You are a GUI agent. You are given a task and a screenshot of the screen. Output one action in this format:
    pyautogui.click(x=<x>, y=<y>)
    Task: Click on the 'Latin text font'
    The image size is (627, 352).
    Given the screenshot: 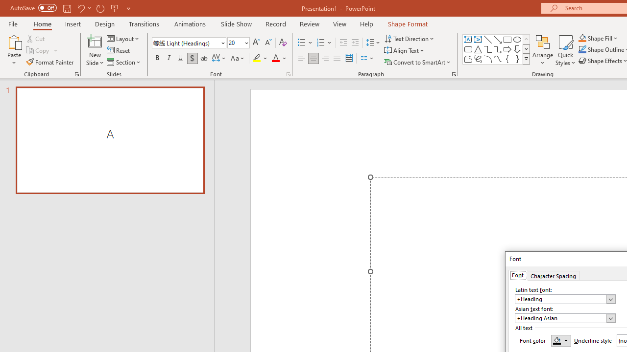 What is the action you would take?
    pyautogui.click(x=560, y=299)
    